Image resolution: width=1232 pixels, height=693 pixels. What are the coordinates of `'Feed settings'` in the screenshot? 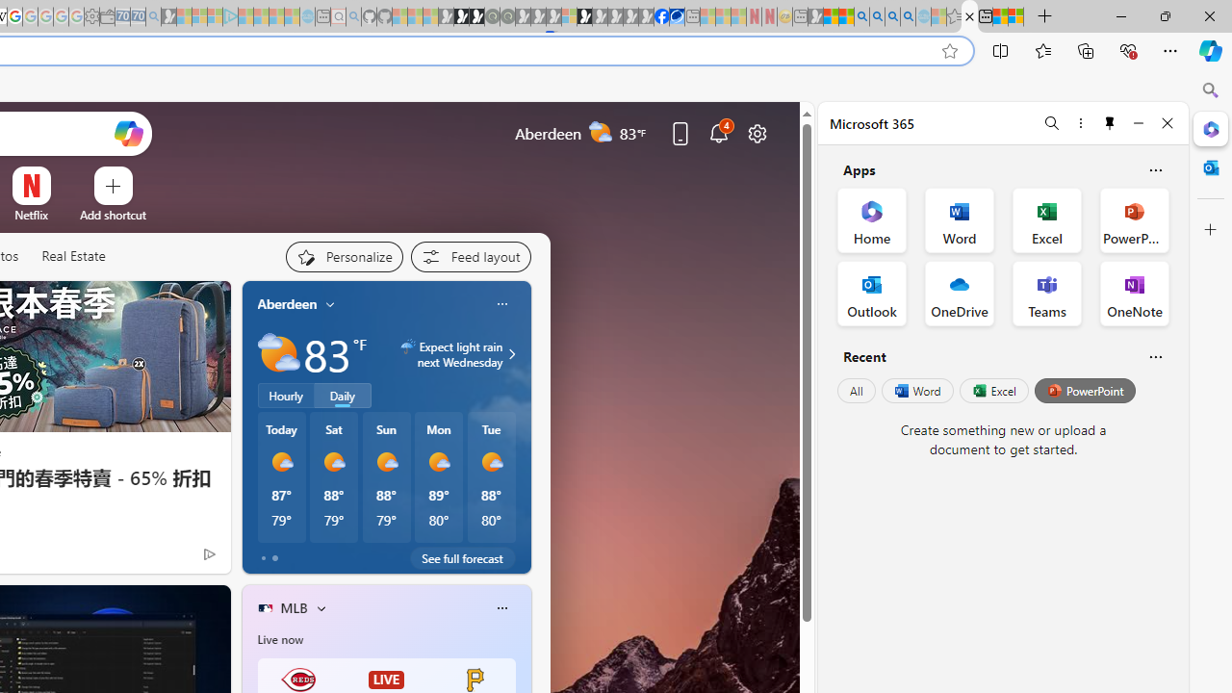 It's located at (470, 256).